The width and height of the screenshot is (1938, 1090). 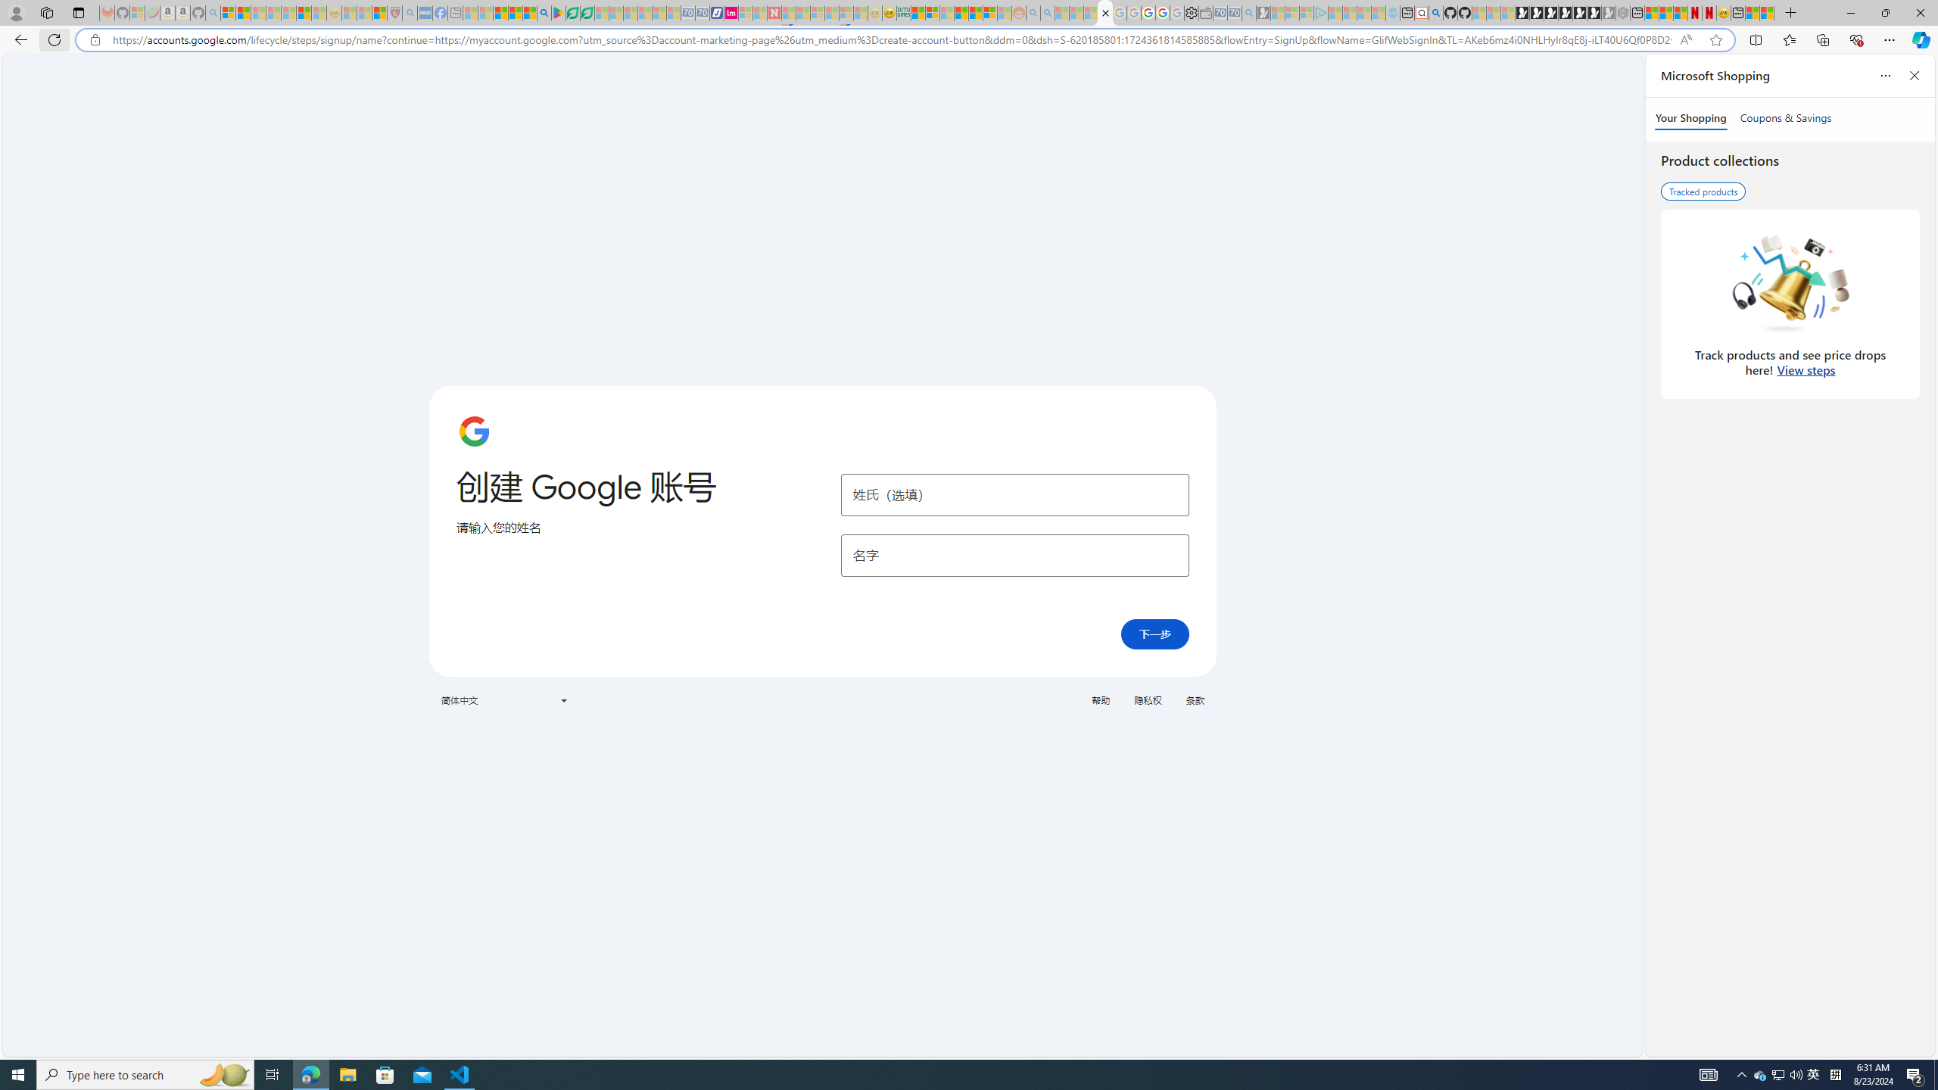 I want to click on 'Bing Real Estate - Home sales and rental listings - Sleeping', so click(x=1249, y=12).